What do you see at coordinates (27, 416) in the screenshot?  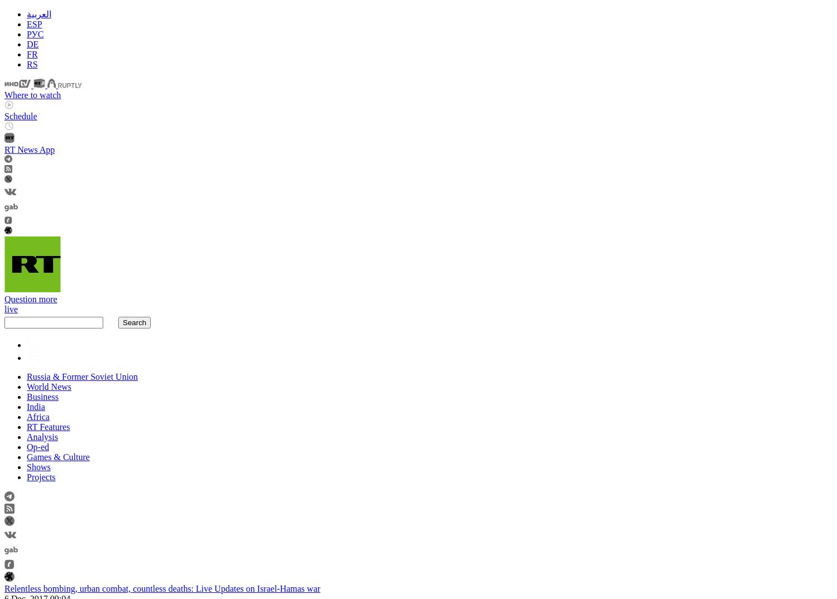 I see `'Africa'` at bounding box center [27, 416].